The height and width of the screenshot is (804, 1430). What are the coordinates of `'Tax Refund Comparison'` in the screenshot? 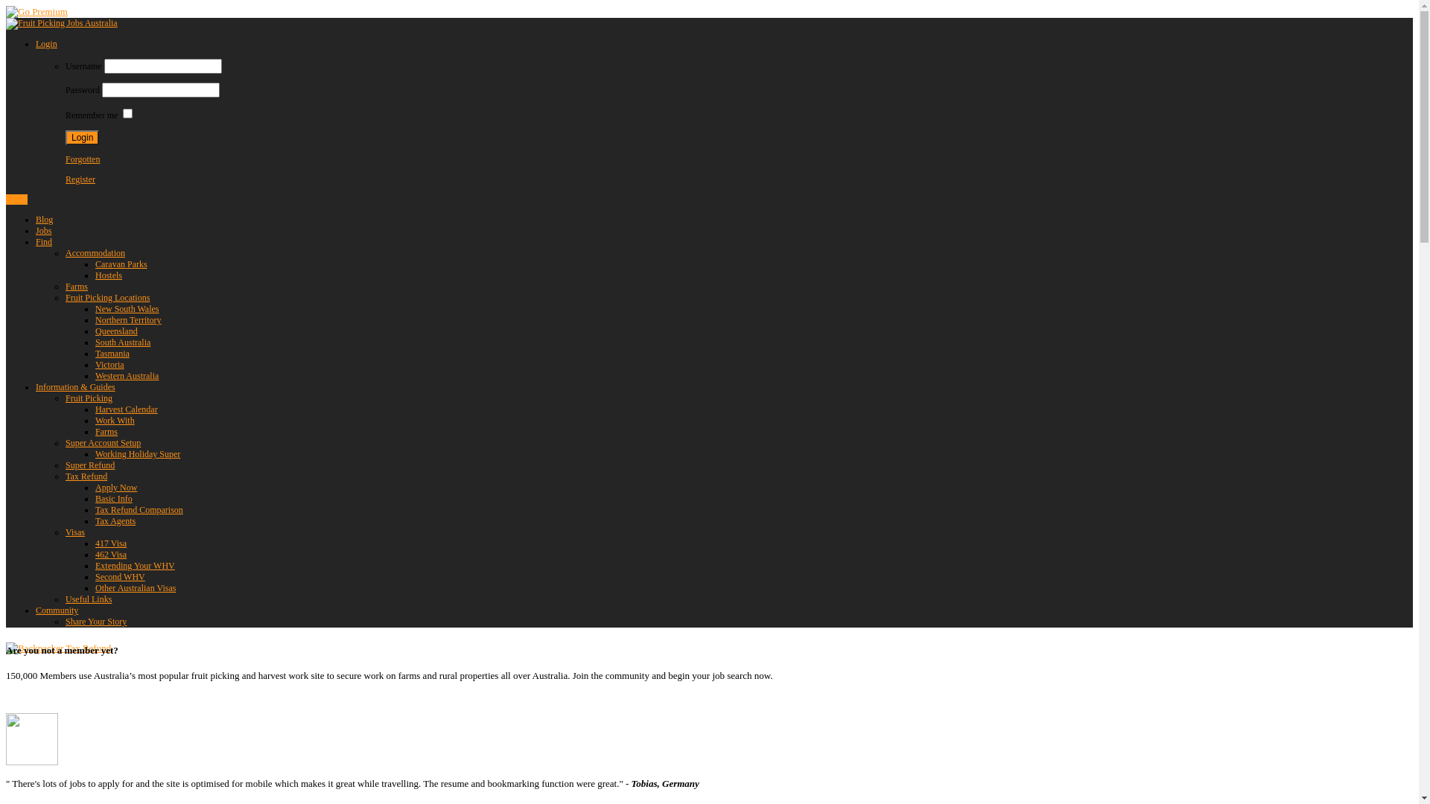 It's located at (139, 509).